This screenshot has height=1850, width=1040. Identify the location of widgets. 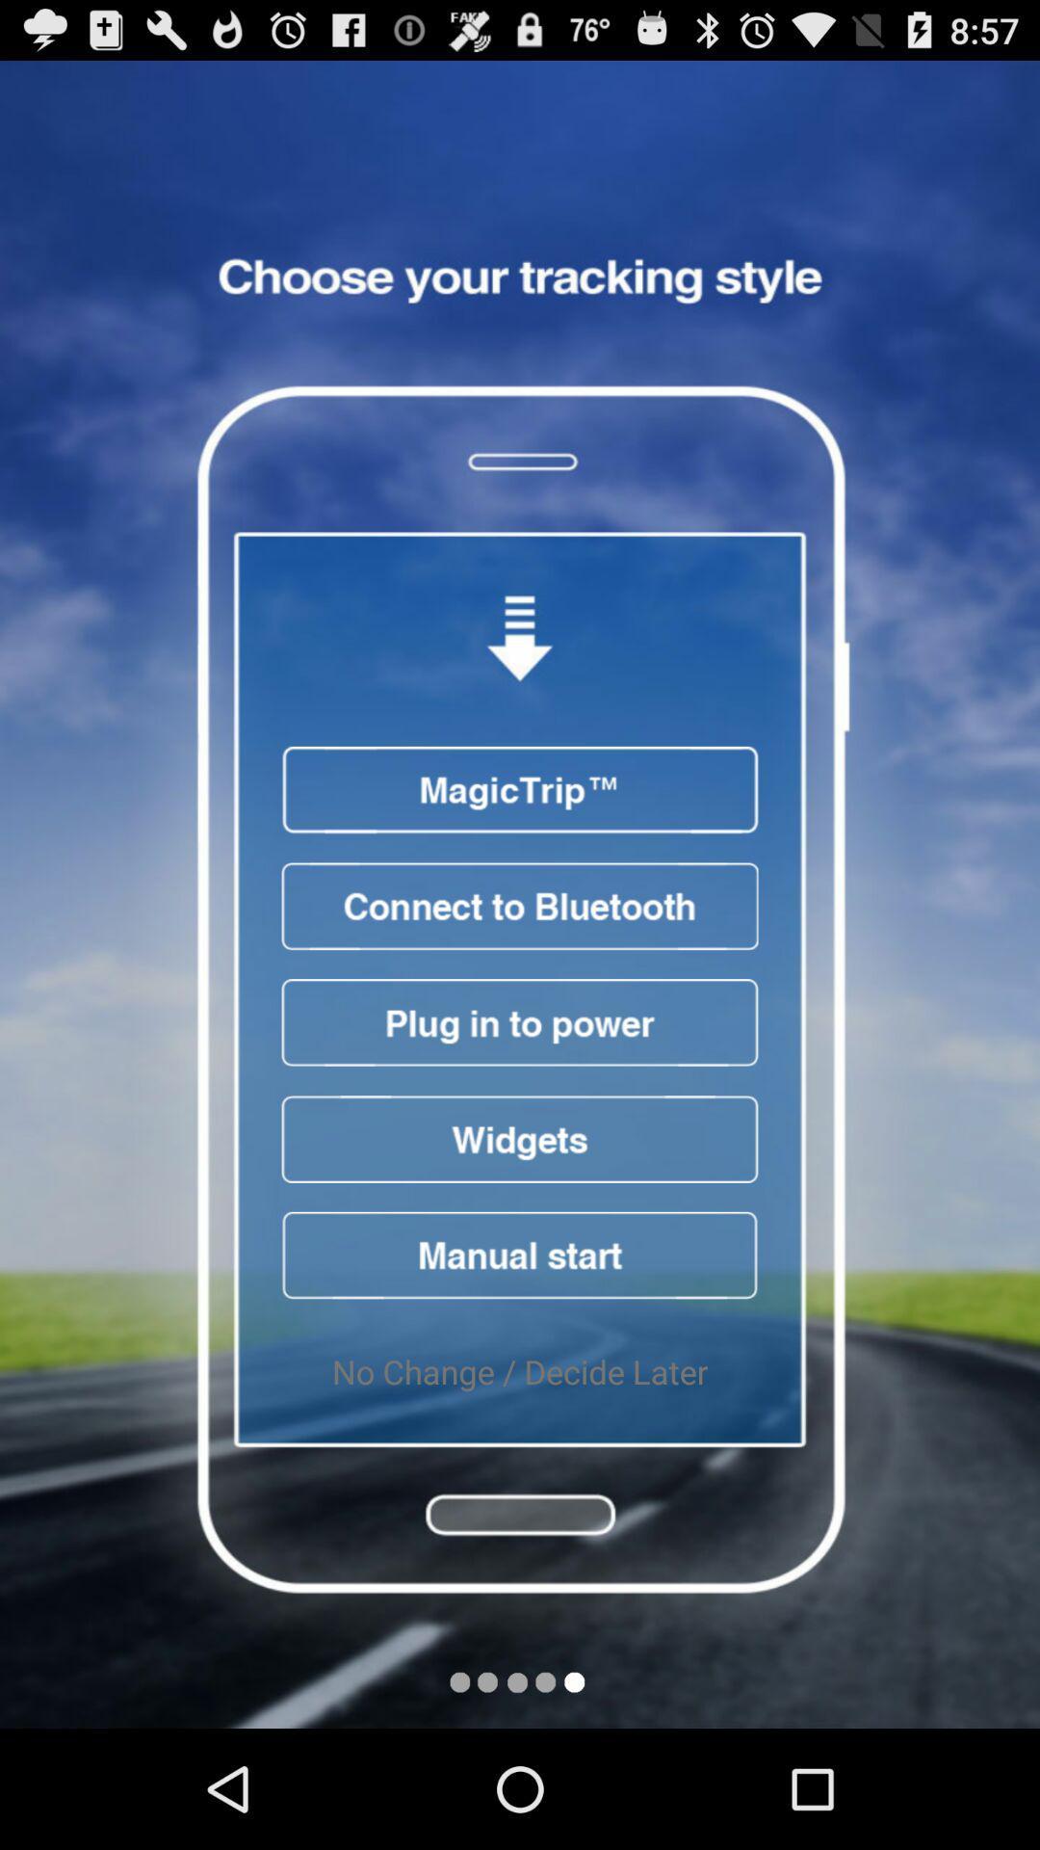
(520, 1139).